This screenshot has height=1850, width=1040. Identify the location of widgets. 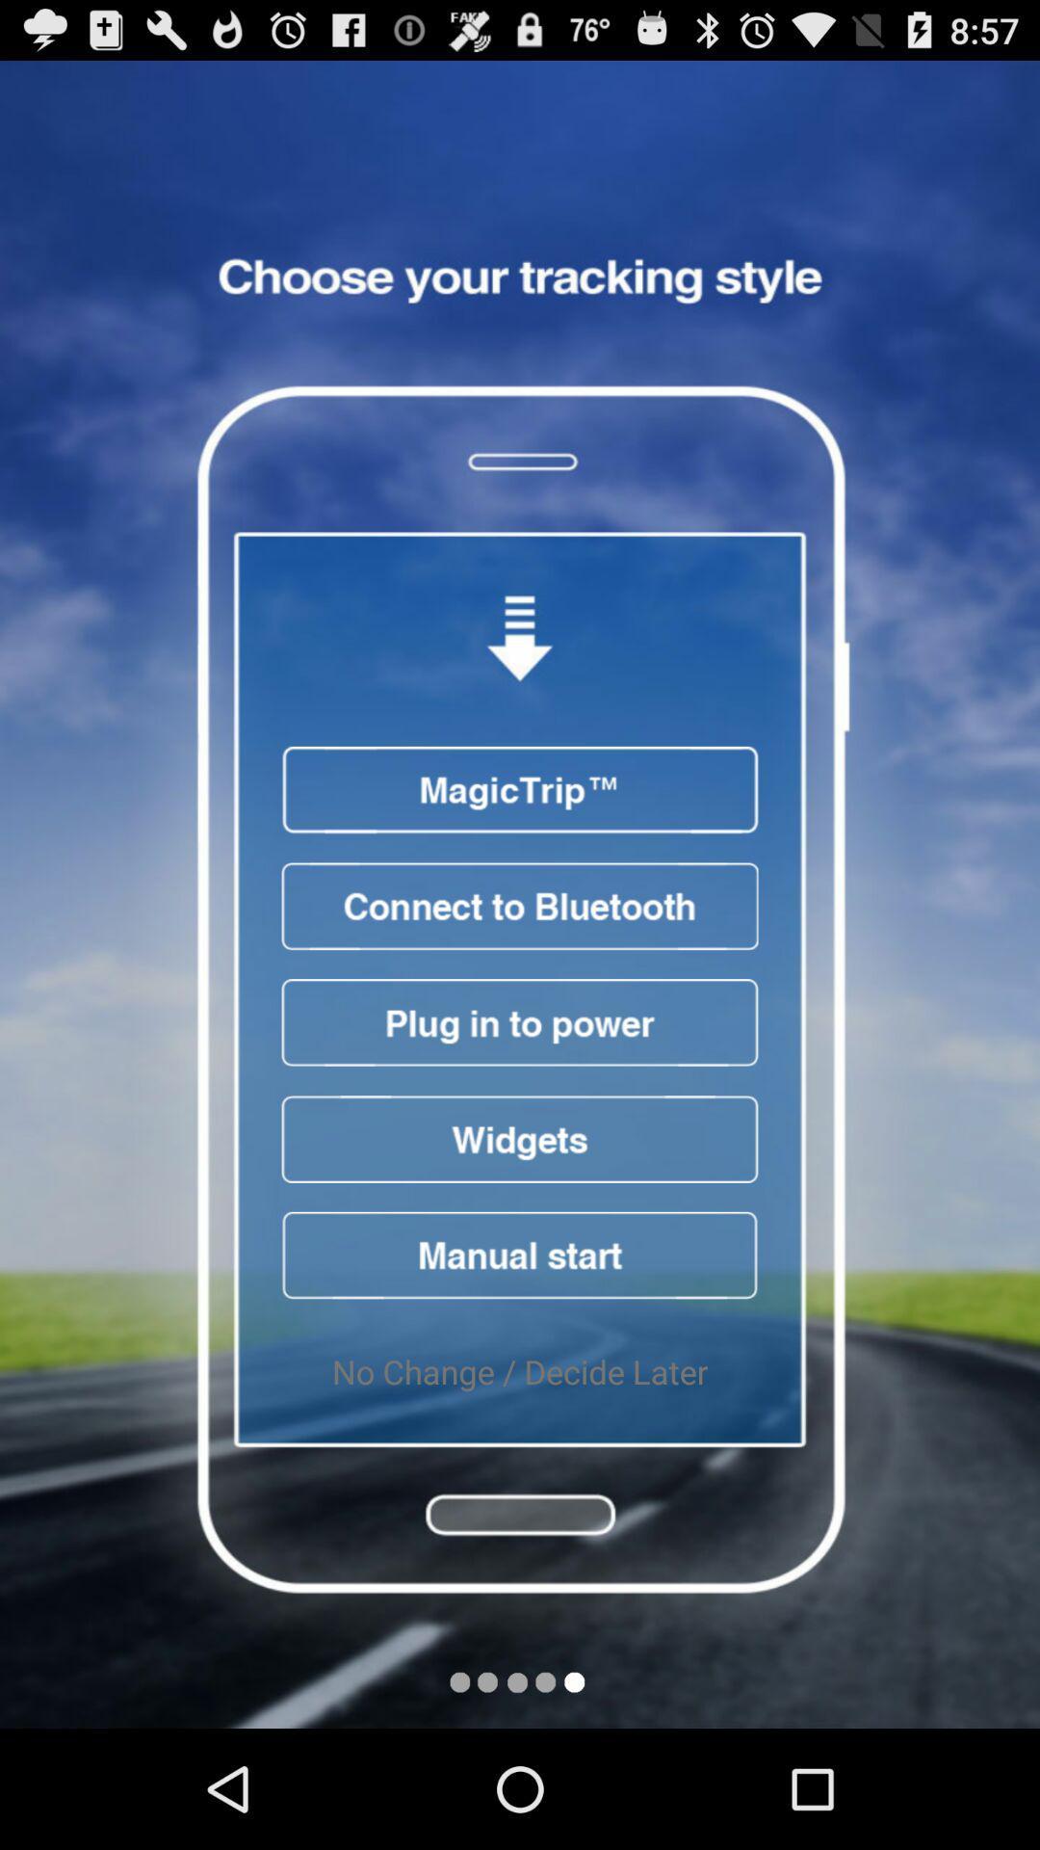
(520, 1139).